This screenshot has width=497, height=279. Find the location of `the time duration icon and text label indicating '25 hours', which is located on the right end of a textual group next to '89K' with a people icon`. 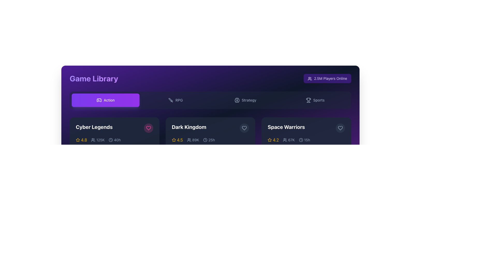

the time duration icon and text label indicating '25 hours', which is located on the right end of a textual group next to '89K' with a people icon is located at coordinates (209, 140).